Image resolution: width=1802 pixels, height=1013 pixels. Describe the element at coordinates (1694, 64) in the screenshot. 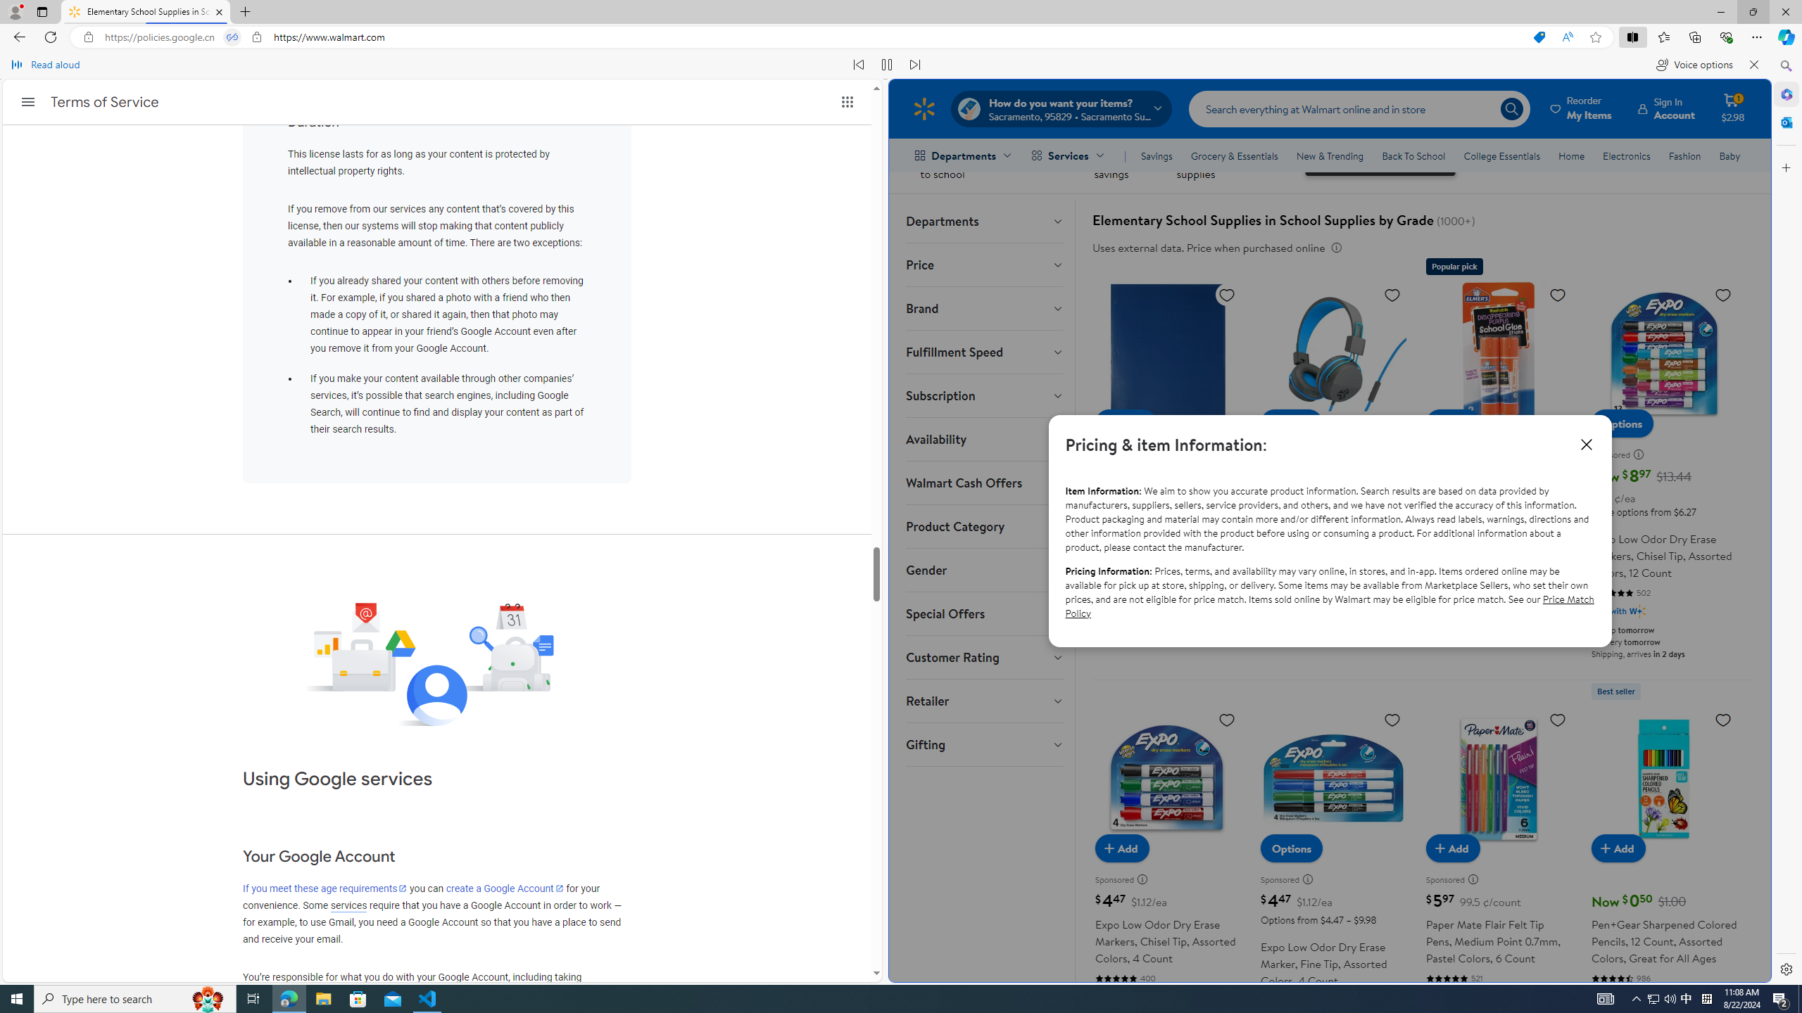

I see `'Voice options'` at that location.